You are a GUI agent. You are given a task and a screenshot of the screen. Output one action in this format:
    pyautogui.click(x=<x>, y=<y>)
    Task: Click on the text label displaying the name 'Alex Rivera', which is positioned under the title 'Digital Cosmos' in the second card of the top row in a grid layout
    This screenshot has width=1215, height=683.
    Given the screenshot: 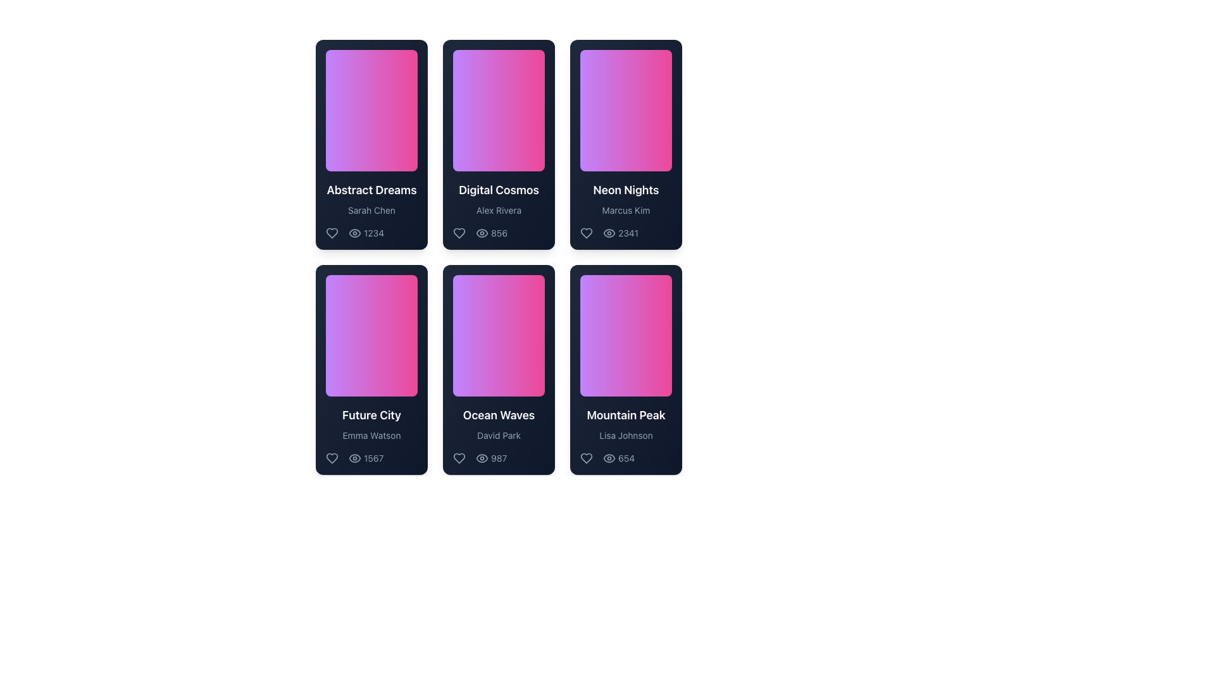 What is the action you would take?
    pyautogui.click(x=498, y=209)
    